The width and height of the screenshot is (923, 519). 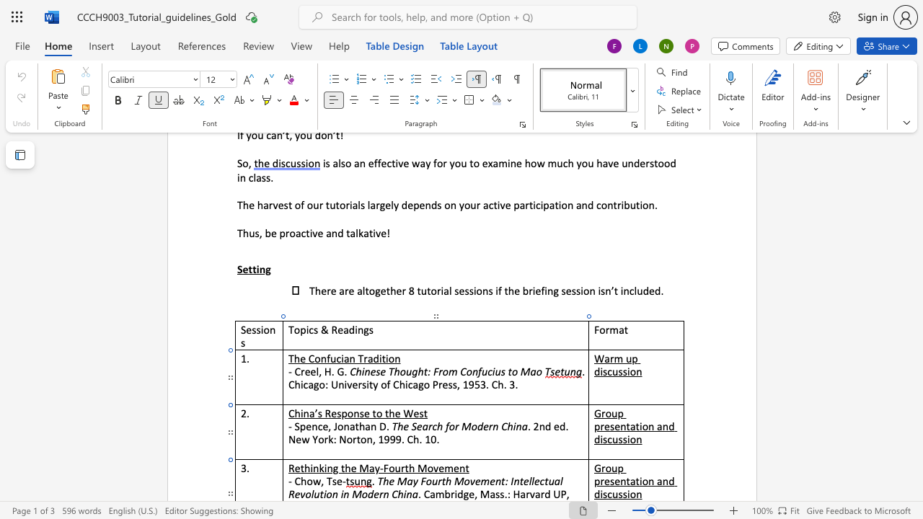 I want to click on the space between the continuous character "s" and "e" in the text, so click(x=336, y=481).